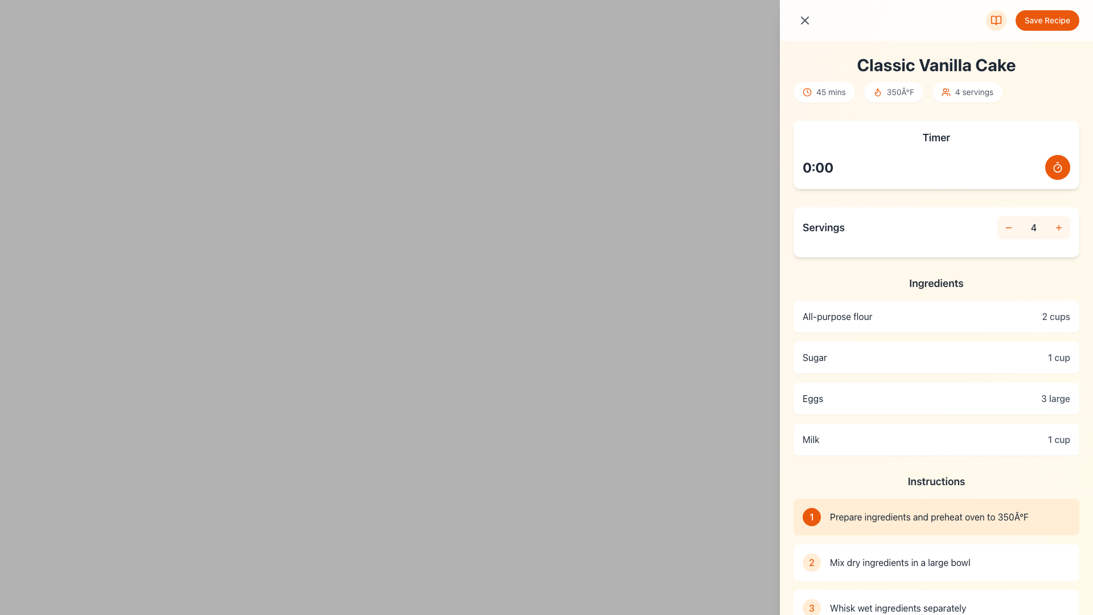 This screenshot has height=615, width=1093. I want to click on the Text label that specifies the quantity and size of eggs needed for the recipe, positioned to the right of the 'Eggs' label in the ingredients section, so click(1055, 397).